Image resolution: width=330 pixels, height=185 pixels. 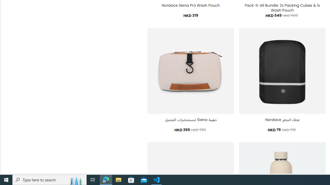 What do you see at coordinates (282, 8) in the screenshot?
I see `'Pack-It-All Bundle: 2x Packing Cubes & 1x Wash Pouch'` at bounding box center [282, 8].